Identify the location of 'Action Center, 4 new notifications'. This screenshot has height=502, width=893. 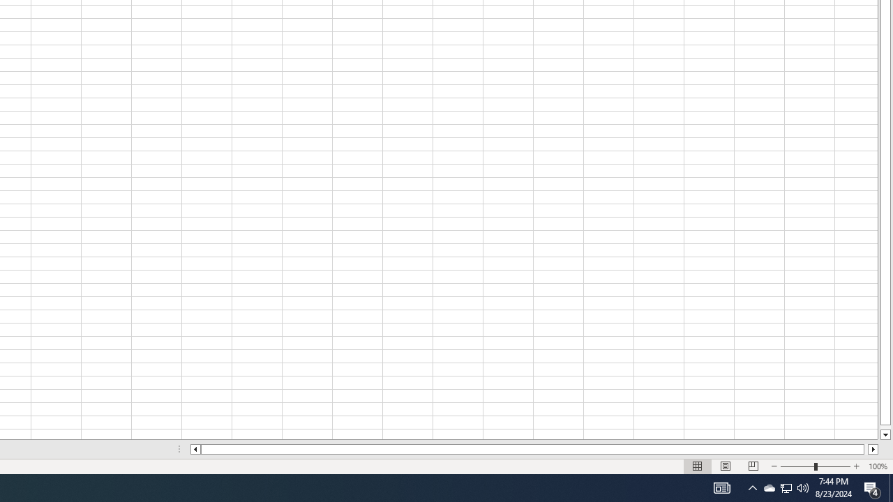
(872, 487).